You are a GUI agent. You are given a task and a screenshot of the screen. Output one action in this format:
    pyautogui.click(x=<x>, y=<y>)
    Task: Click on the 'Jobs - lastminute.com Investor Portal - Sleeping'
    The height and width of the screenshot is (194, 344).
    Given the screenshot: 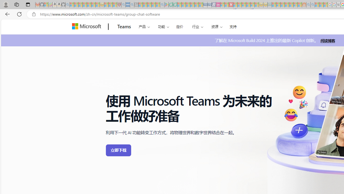 What is the action you would take?
    pyautogui.click(x=218, y=5)
    